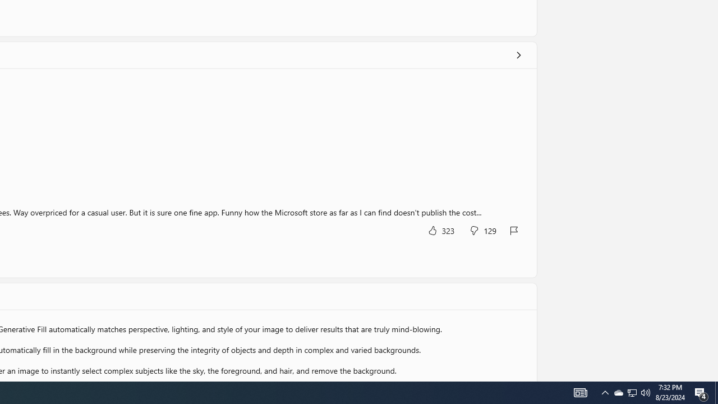 The height and width of the screenshot is (404, 718). Describe the element at coordinates (440, 229) in the screenshot. I see `'Yes, this was helpful. 323 votes.'` at that location.